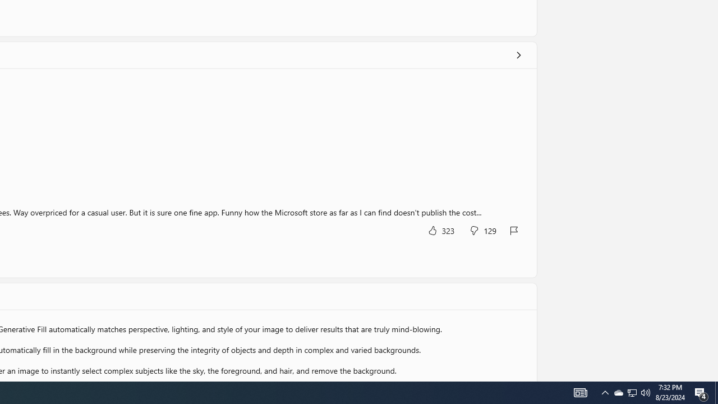 The height and width of the screenshot is (404, 718). Describe the element at coordinates (440, 229) in the screenshot. I see `'Yes, this was helpful. 323 votes.'` at that location.